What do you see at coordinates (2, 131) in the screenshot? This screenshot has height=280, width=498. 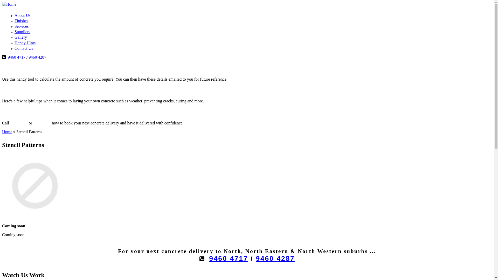 I see `'Home'` at bounding box center [2, 131].